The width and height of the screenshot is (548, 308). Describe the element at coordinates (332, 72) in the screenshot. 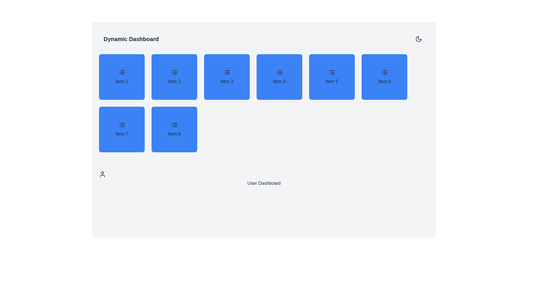

I see `the bulleted list icon inside the blue square labeled 'Item 5'` at that location.